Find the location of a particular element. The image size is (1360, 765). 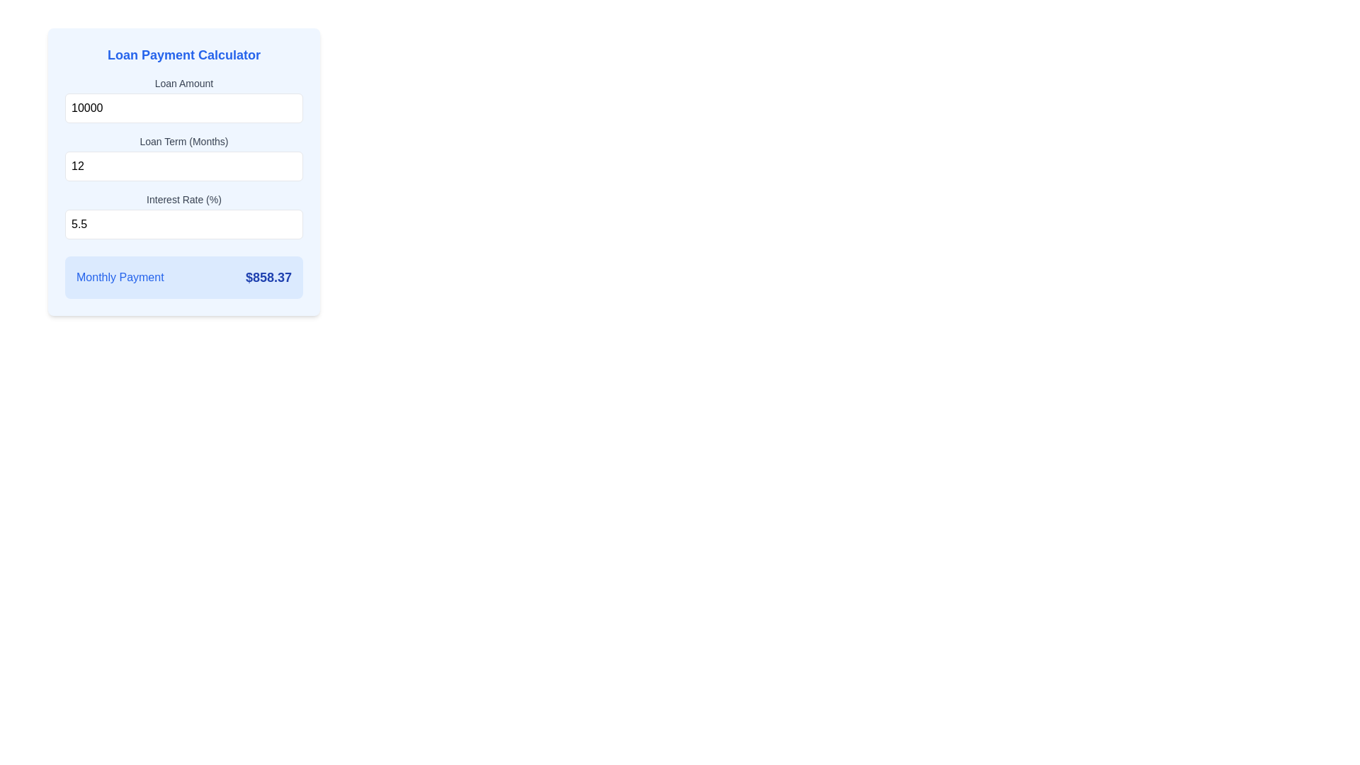

the text label indicating the loan amount input field in the 'Loan Payment Calculator' form is located at coordinates (183, 84).